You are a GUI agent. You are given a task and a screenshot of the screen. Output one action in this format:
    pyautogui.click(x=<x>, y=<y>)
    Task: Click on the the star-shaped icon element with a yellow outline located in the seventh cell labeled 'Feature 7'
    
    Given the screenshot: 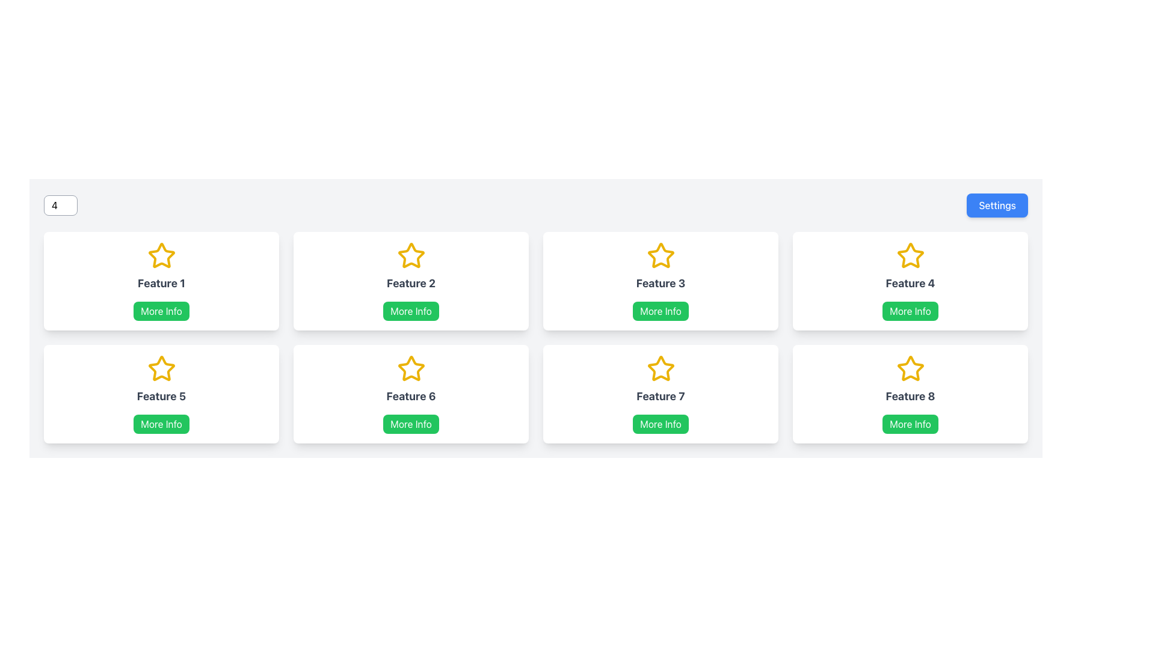 What is the action you would take?
    pyautogui.click(x=660, y=368)
    